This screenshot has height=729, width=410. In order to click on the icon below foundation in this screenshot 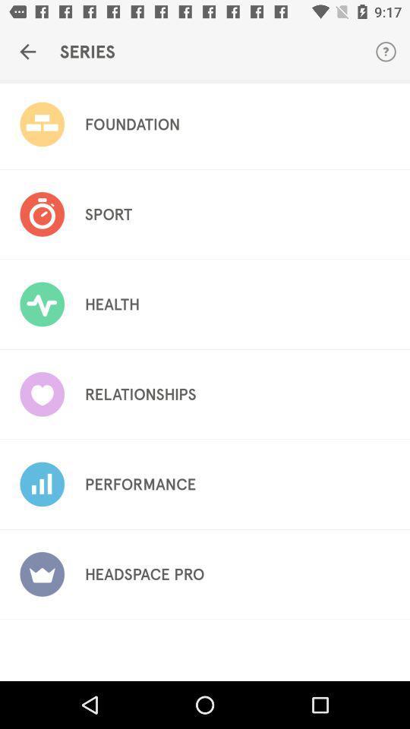, I will do `click(107, 213)`.